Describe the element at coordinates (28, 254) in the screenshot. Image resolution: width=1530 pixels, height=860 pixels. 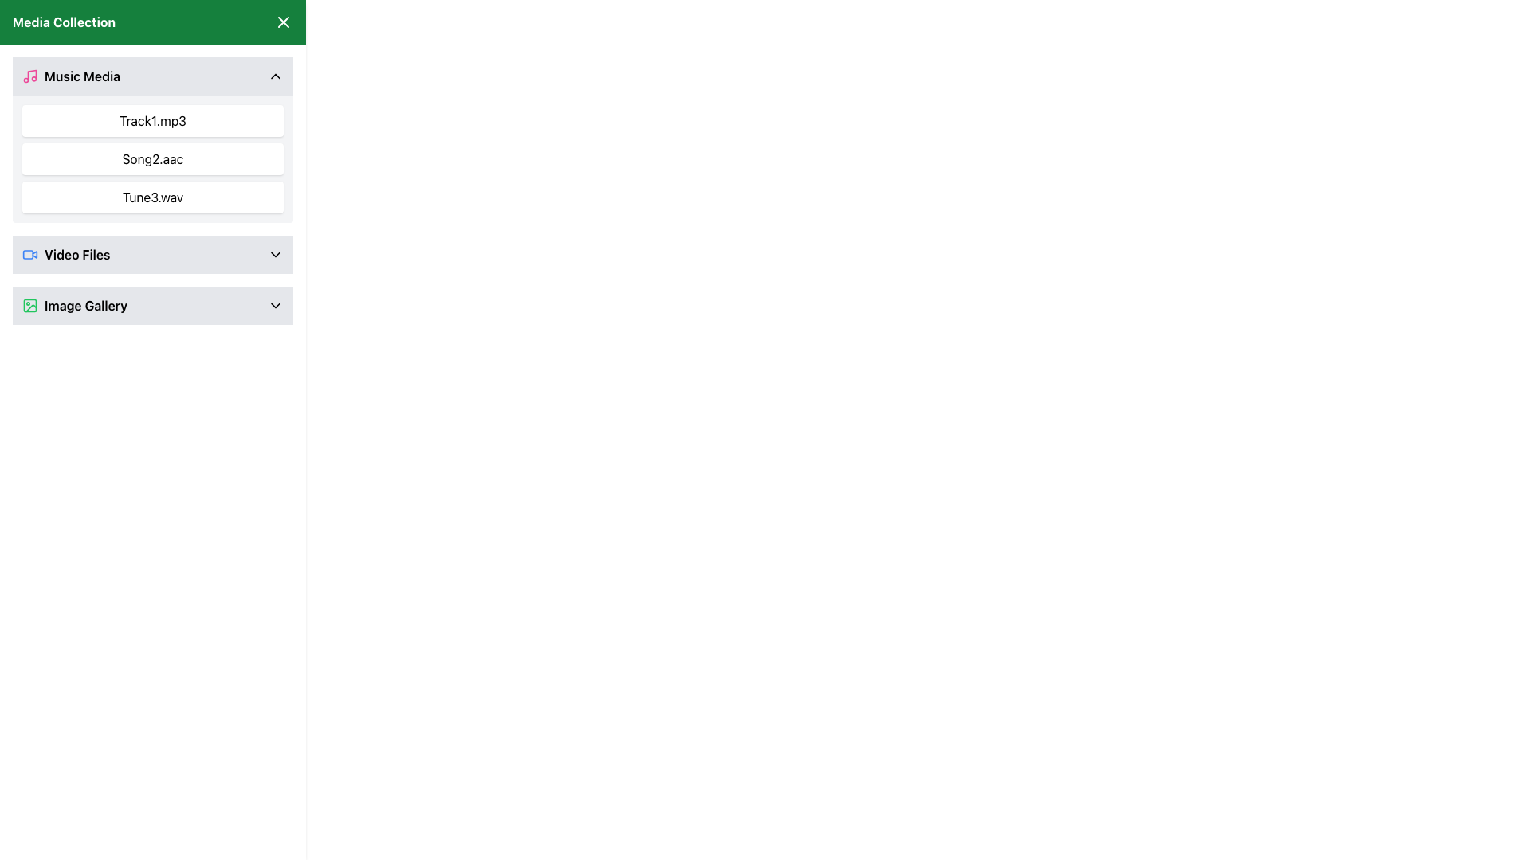
I see `the rectangular SVG element representing a video file icon located in the second collapsible group labeled 'Video Files' in the sidebar` at that location.